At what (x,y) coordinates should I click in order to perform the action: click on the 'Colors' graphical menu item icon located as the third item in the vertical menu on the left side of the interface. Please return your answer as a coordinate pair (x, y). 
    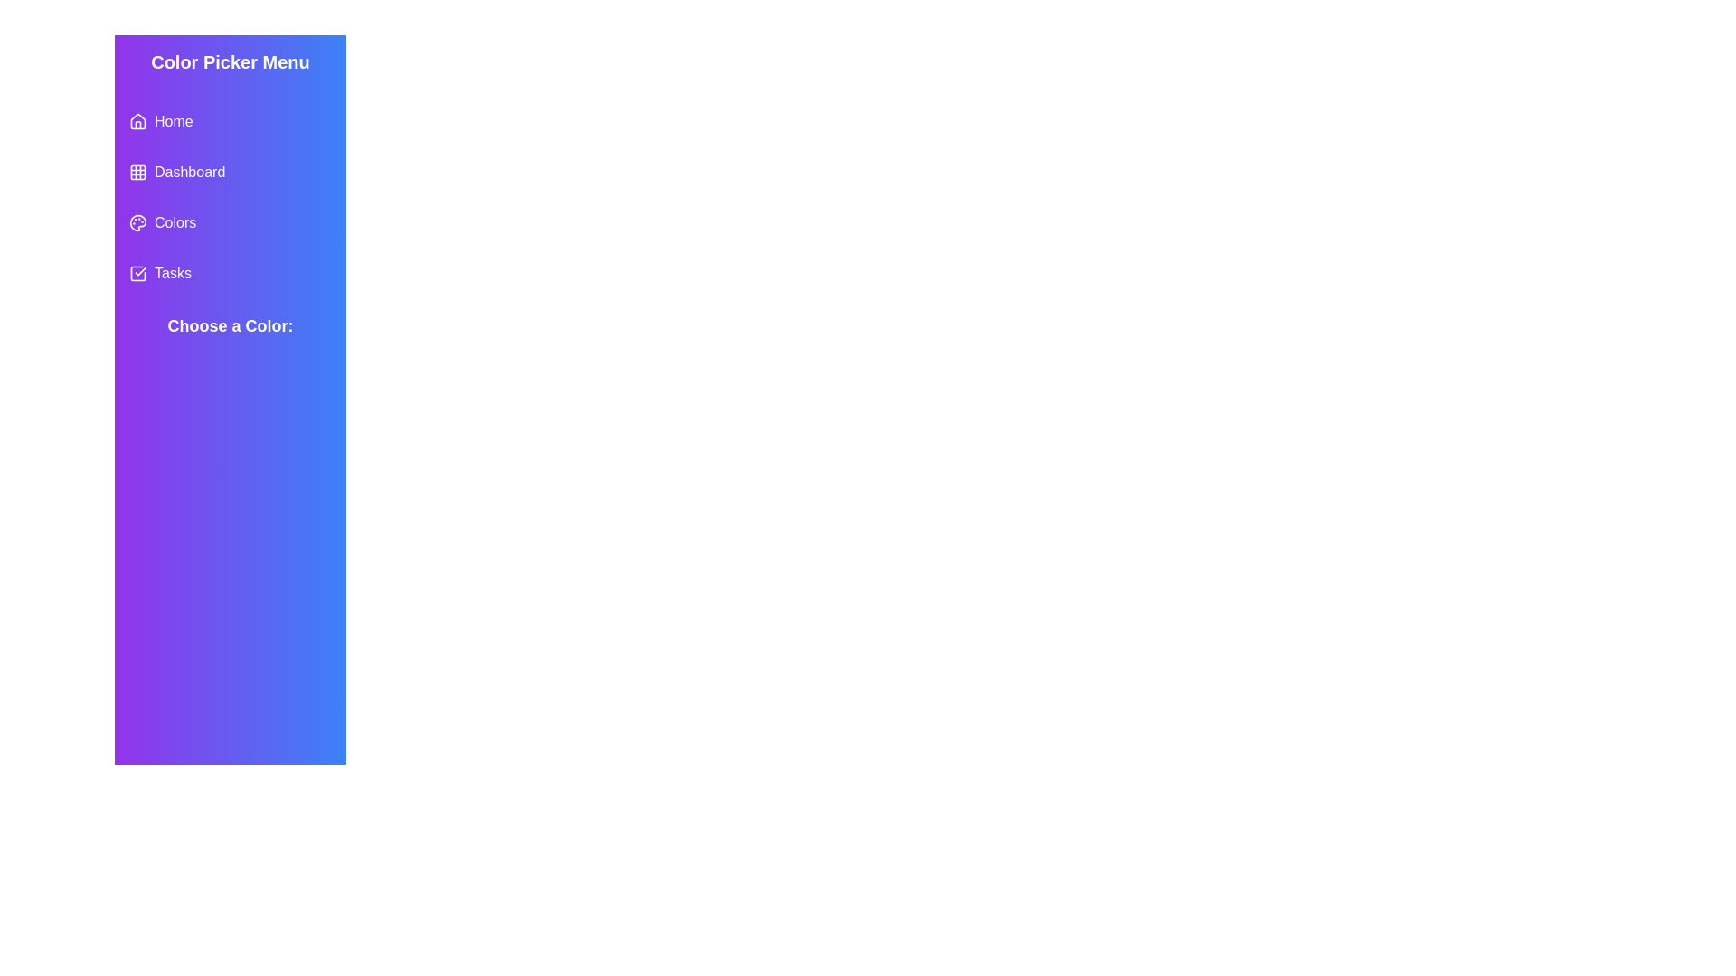
    Looking at the image, I should click on (137, 221).